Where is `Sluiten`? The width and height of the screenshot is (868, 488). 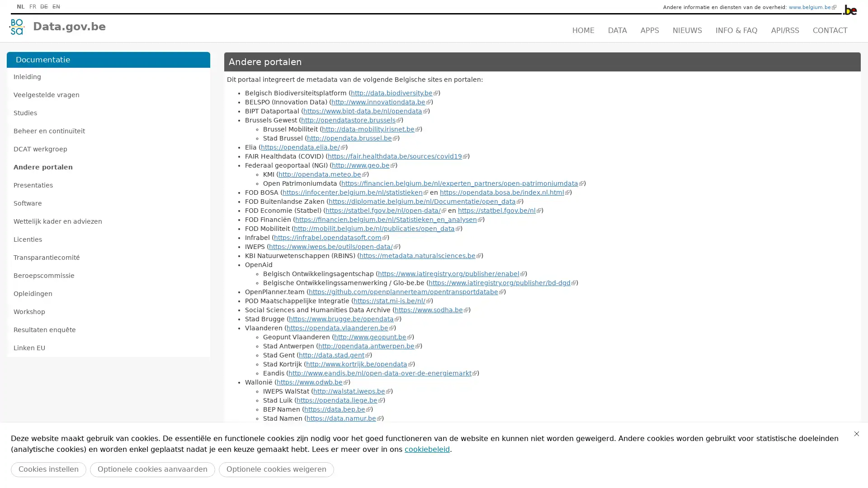 Sluiten is located at coordinates (856, 433).